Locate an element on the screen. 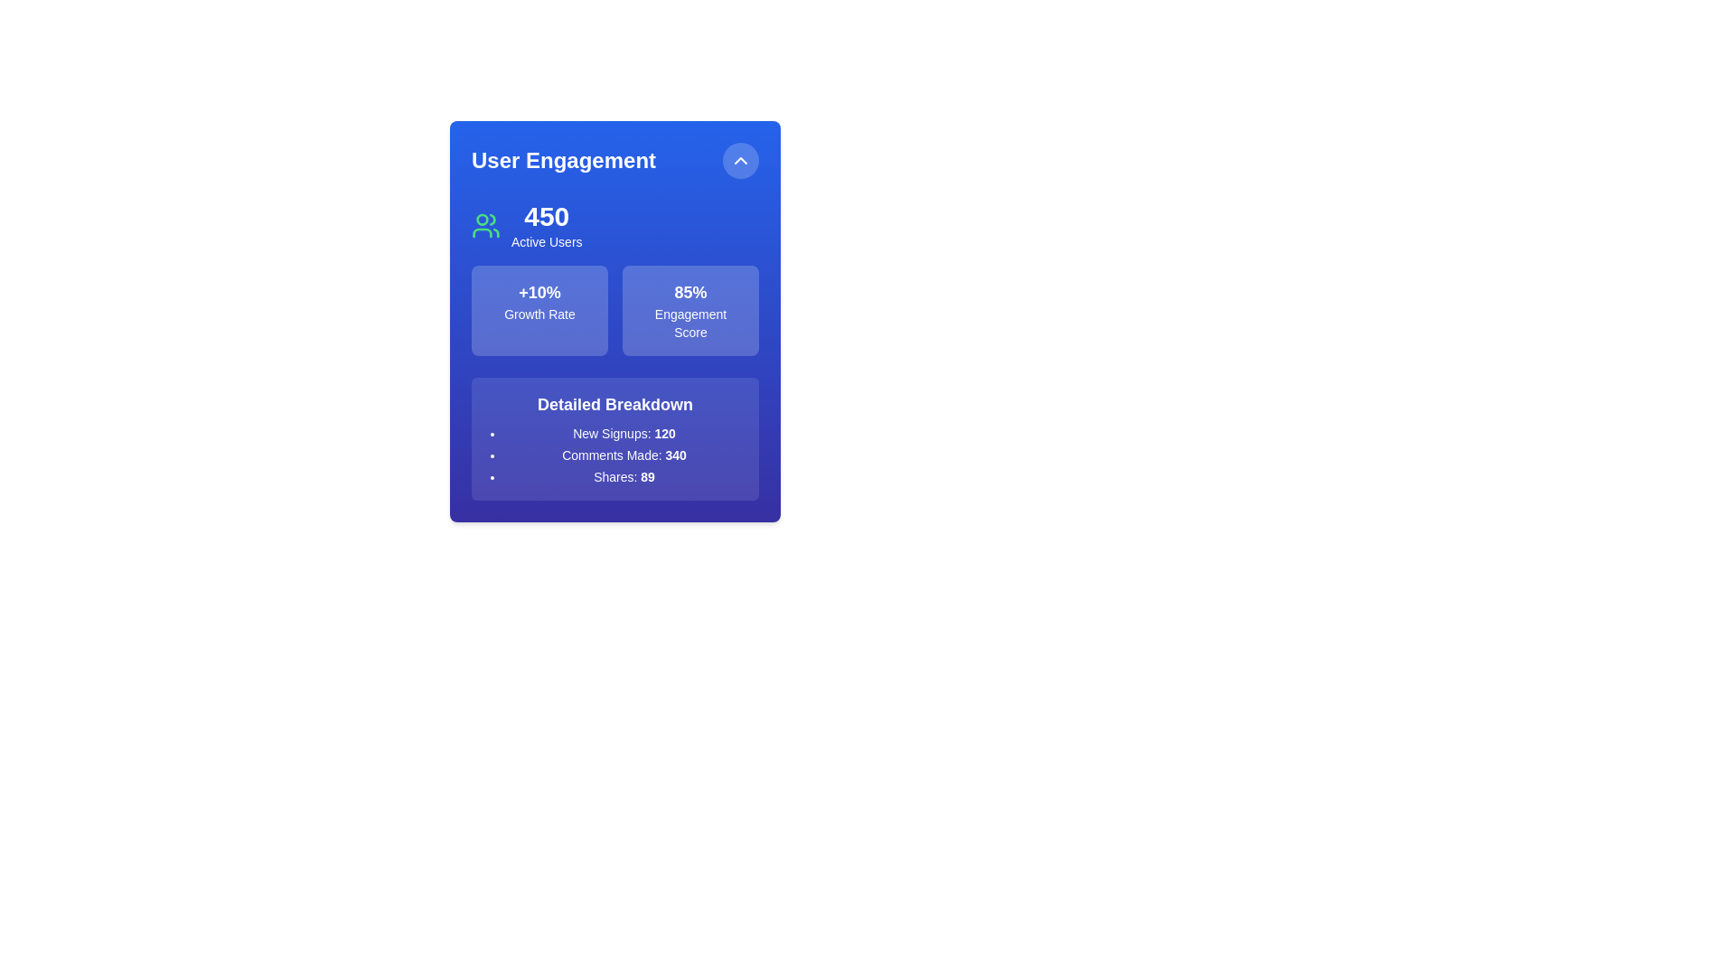 The image size is (1735, 976). the 'User Engagement' header to focus the panel, which features a bold title on the left and a chevron-up button on the right is located at coordinates (615, 159).